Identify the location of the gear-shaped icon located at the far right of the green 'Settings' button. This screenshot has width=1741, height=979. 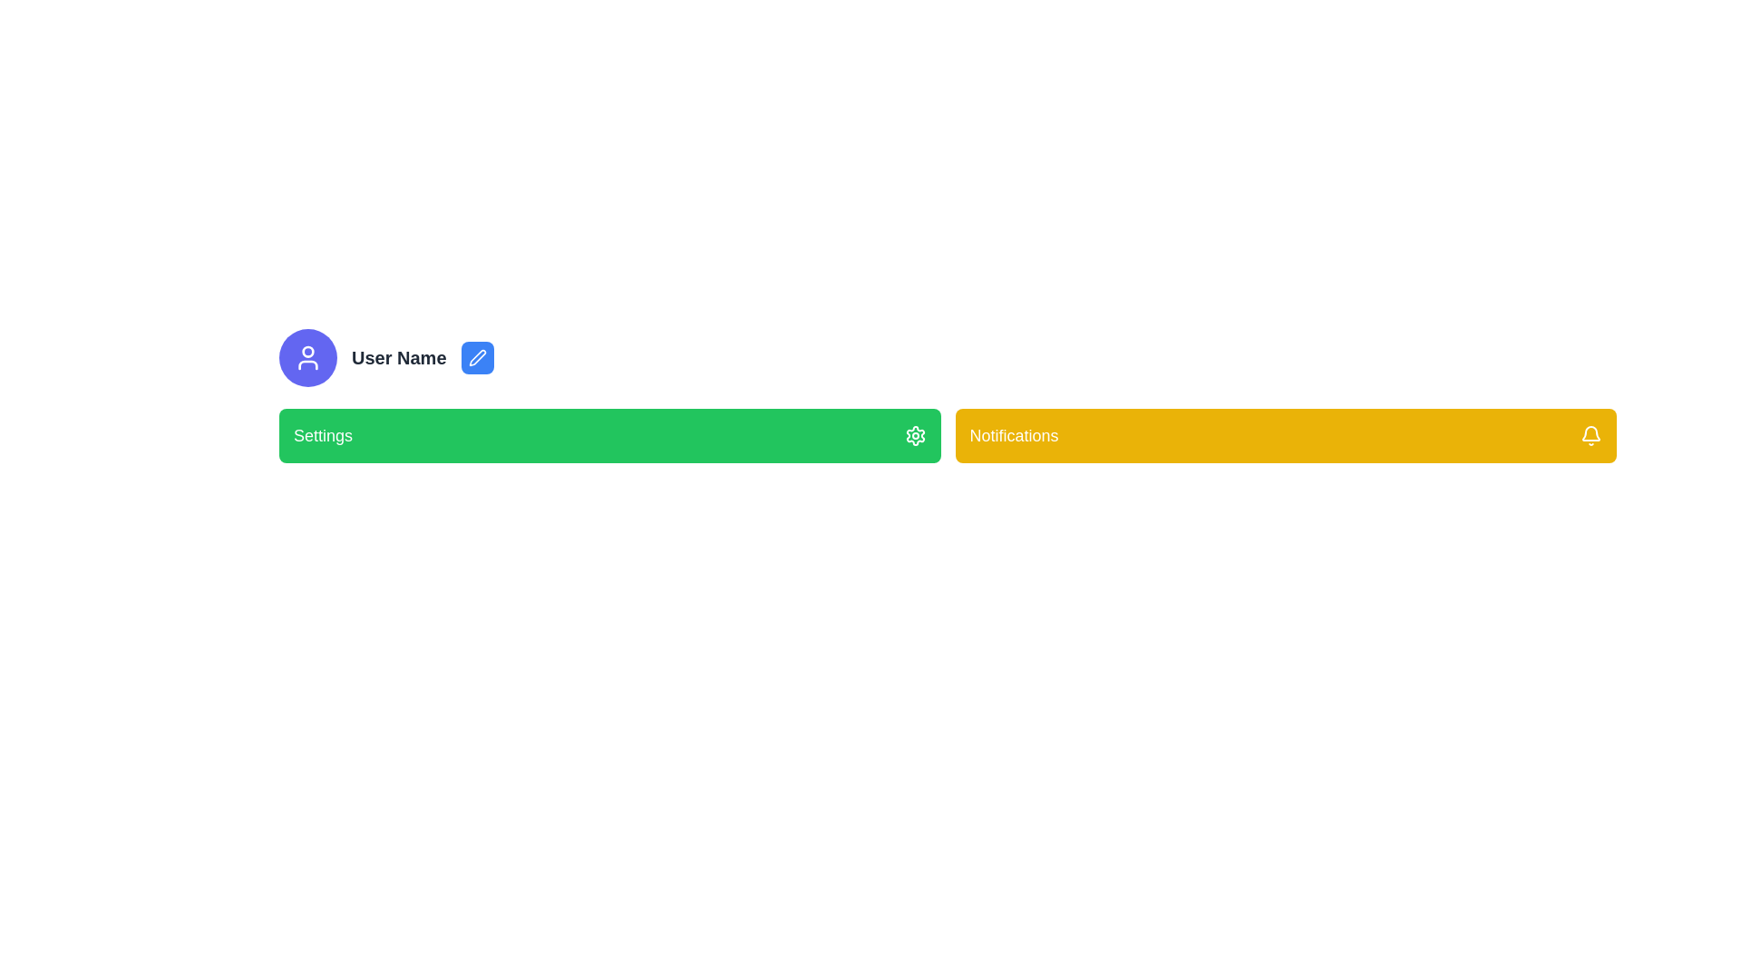
(915, 436).